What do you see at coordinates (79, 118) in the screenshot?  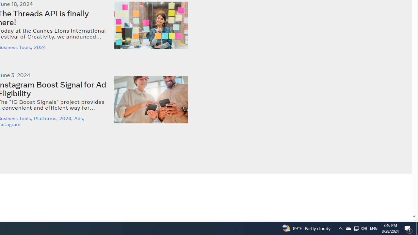 I see `'Ads,'` at bounding box center [79, 118].